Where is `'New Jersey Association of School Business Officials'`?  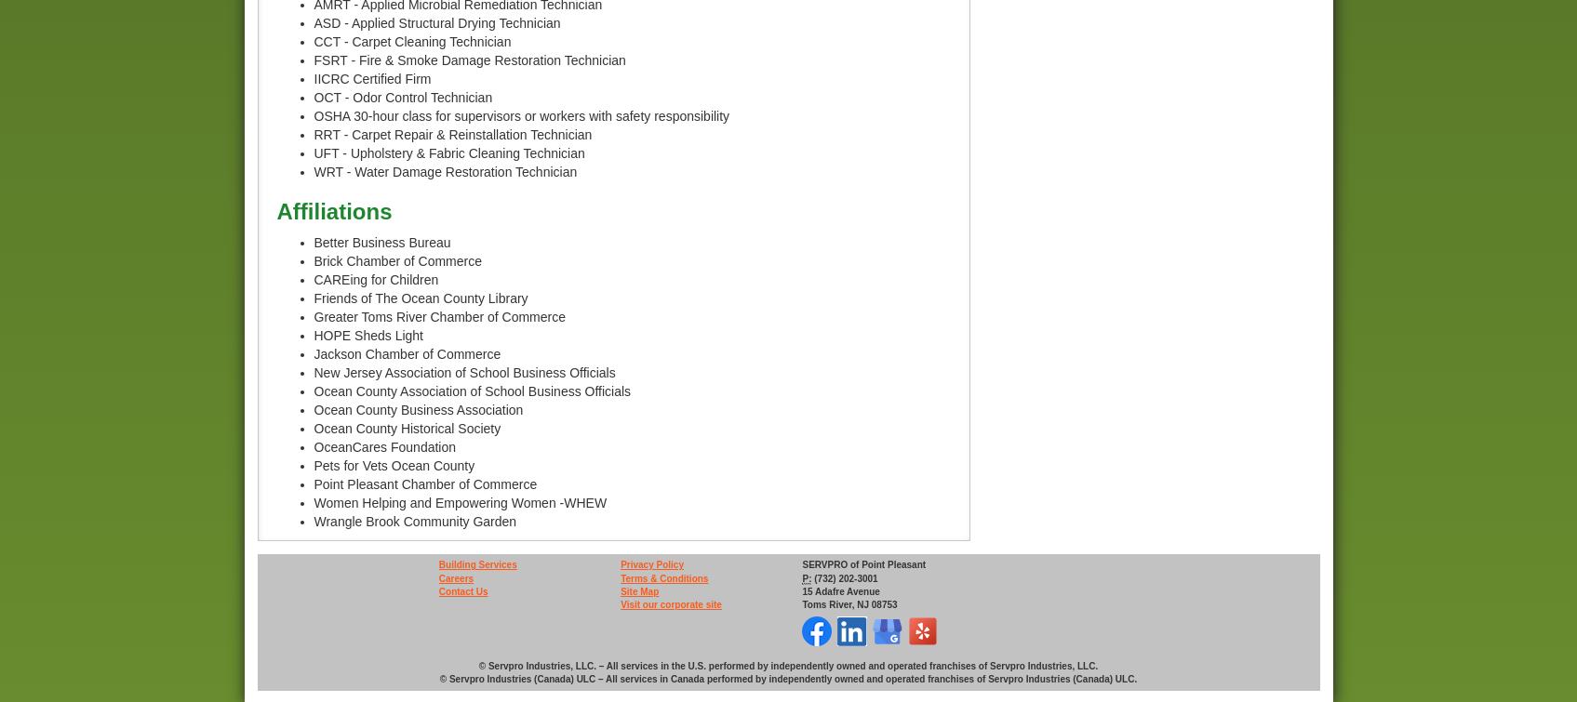 'New Jersey Association of School Business Officials' is located at coordinates (463, 371).